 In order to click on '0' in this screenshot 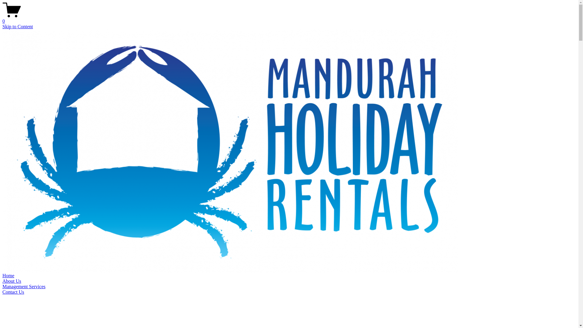, I will do `click(289, 18)`.